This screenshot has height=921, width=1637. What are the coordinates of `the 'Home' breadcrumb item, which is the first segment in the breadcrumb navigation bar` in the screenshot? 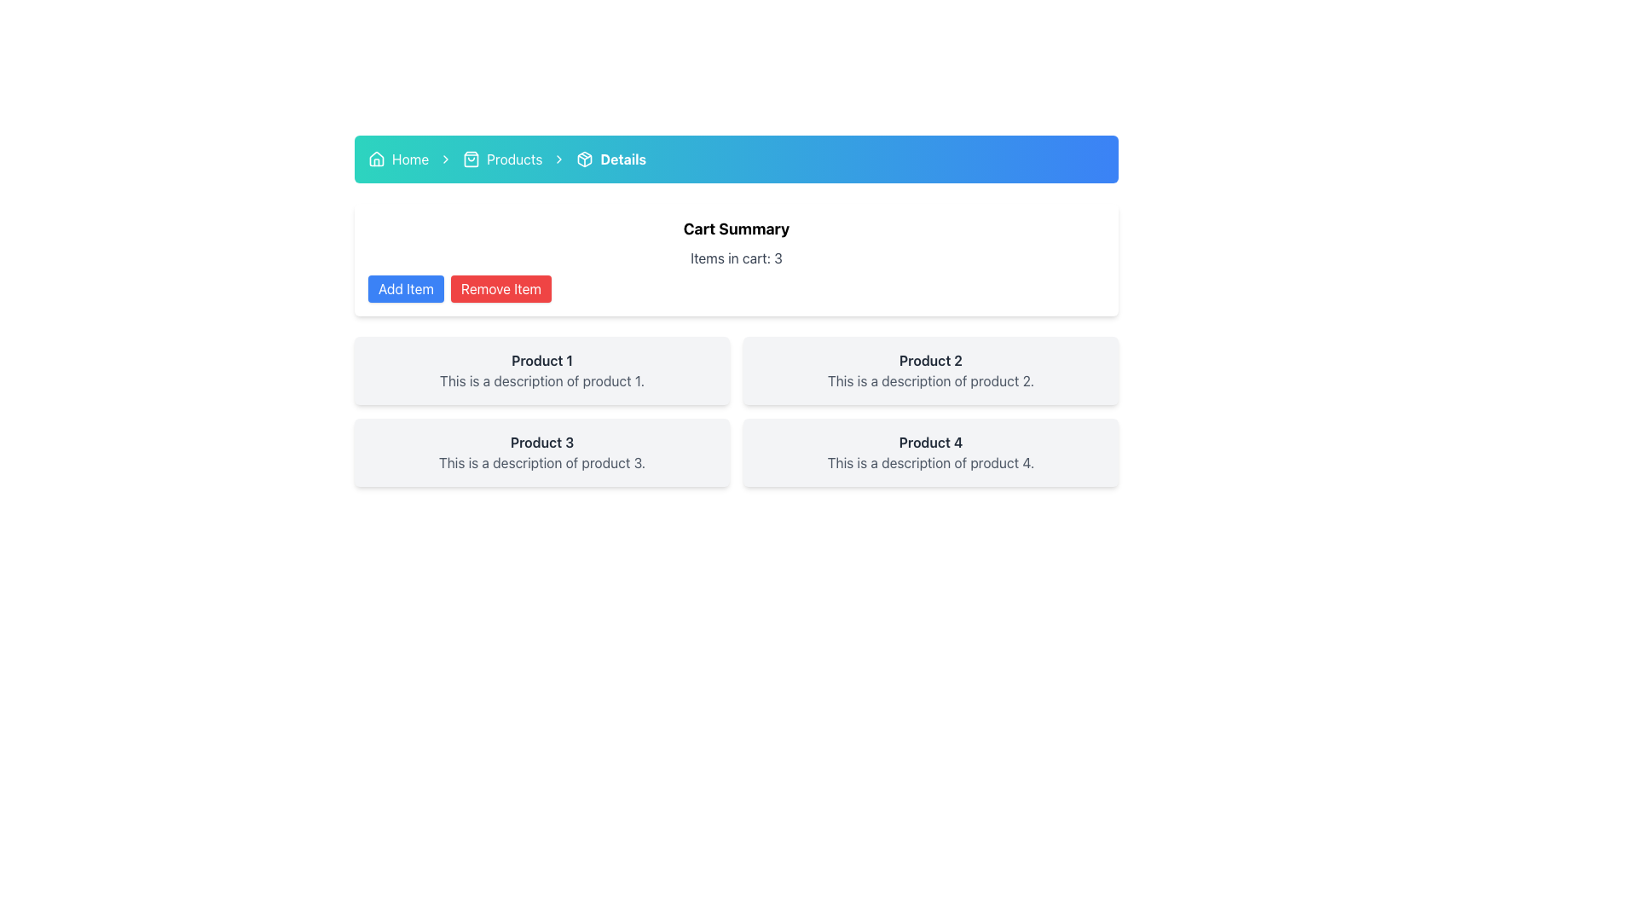 It's located at (397, 159).